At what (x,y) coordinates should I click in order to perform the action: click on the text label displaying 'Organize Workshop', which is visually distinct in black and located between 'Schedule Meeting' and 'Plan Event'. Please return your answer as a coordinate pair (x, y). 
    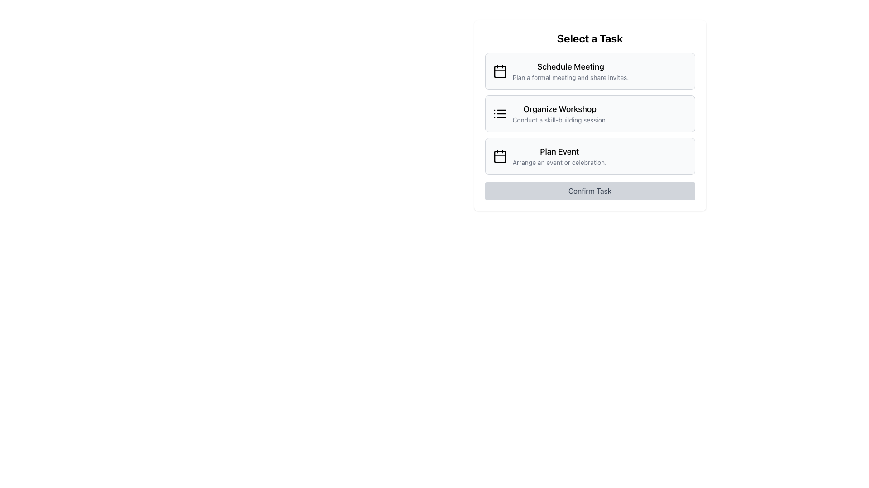
    Looking at the image, I should click on (559, 109).